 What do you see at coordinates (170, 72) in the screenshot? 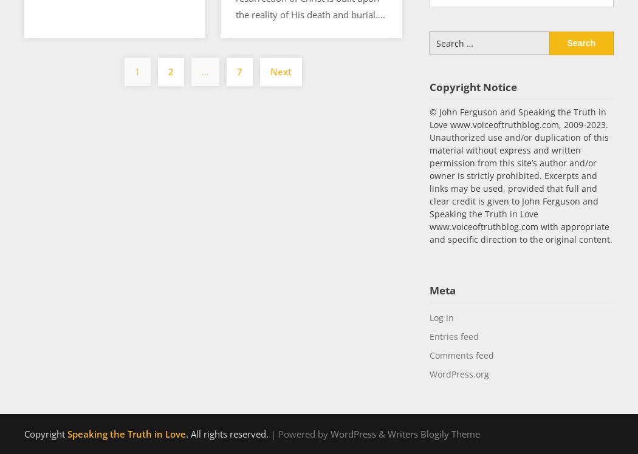
I see `'2'` at bounding box center [170, 72].